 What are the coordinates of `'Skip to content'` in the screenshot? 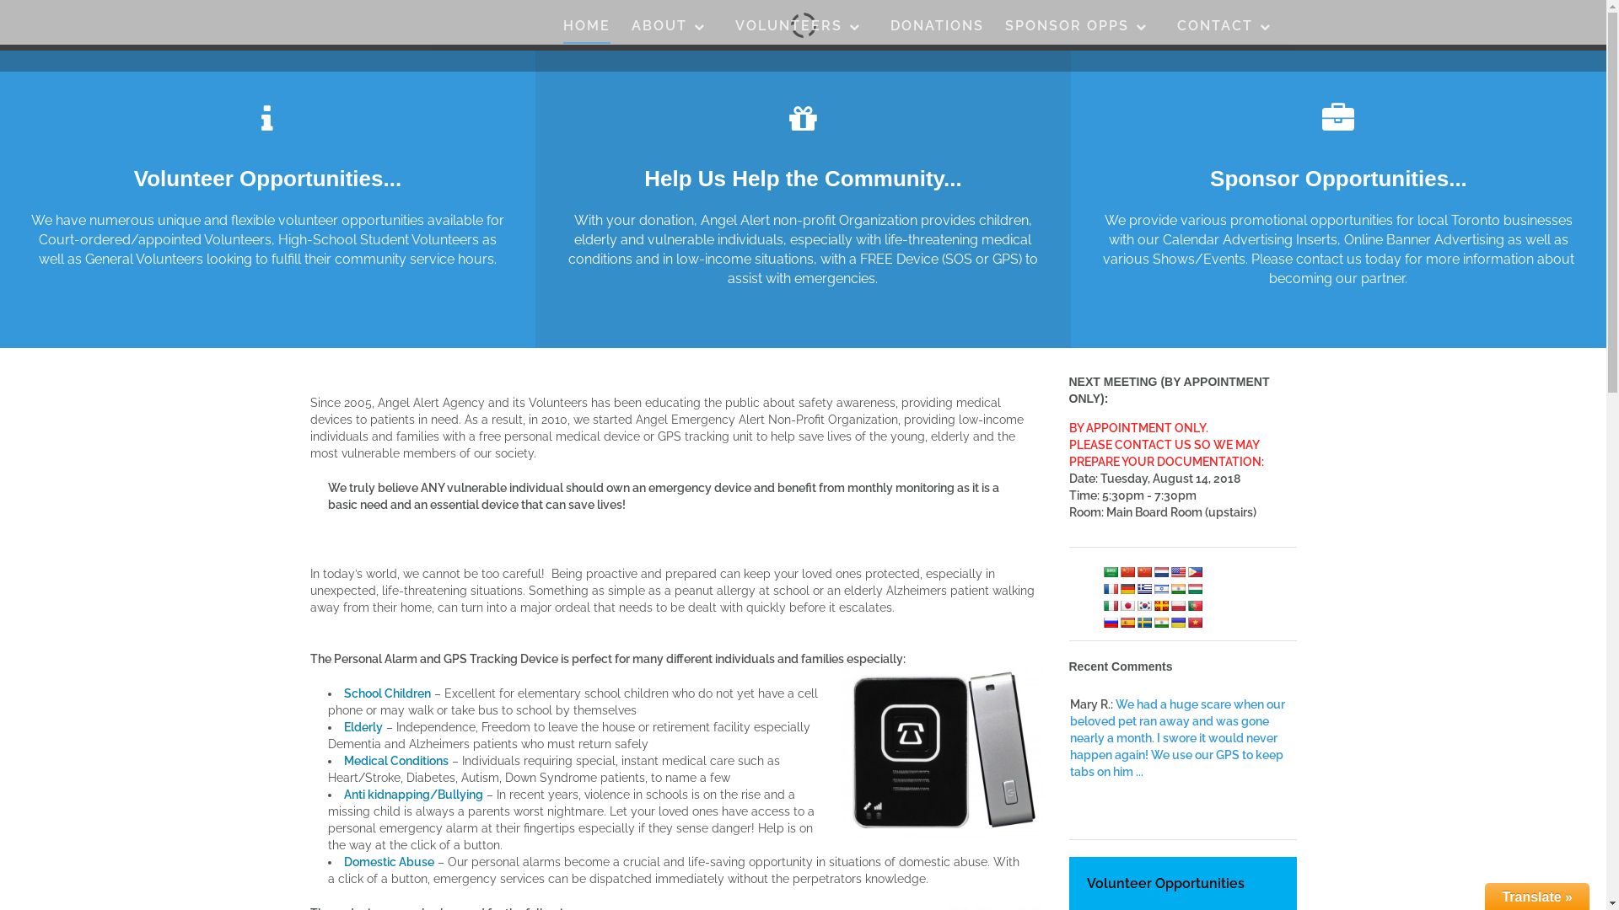 It's located at (0, 0).